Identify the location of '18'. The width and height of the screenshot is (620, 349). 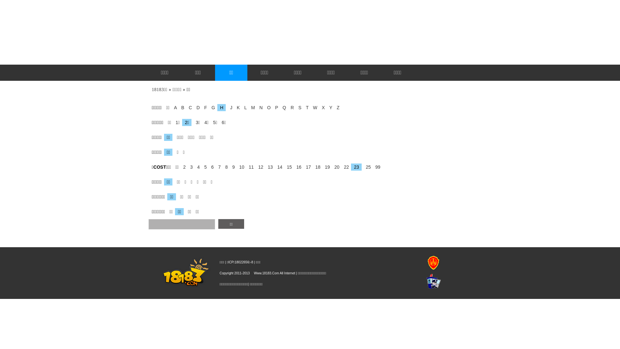
(312, 166).